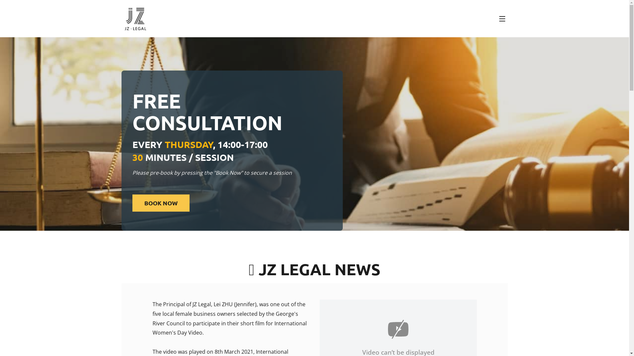 Image resolution: width=634 pixels, height=356 pixels. What do you see at coordinates (161, 203) in the screenshot?
I see `'BOOK NOW'` at bounding box center [161, 203].